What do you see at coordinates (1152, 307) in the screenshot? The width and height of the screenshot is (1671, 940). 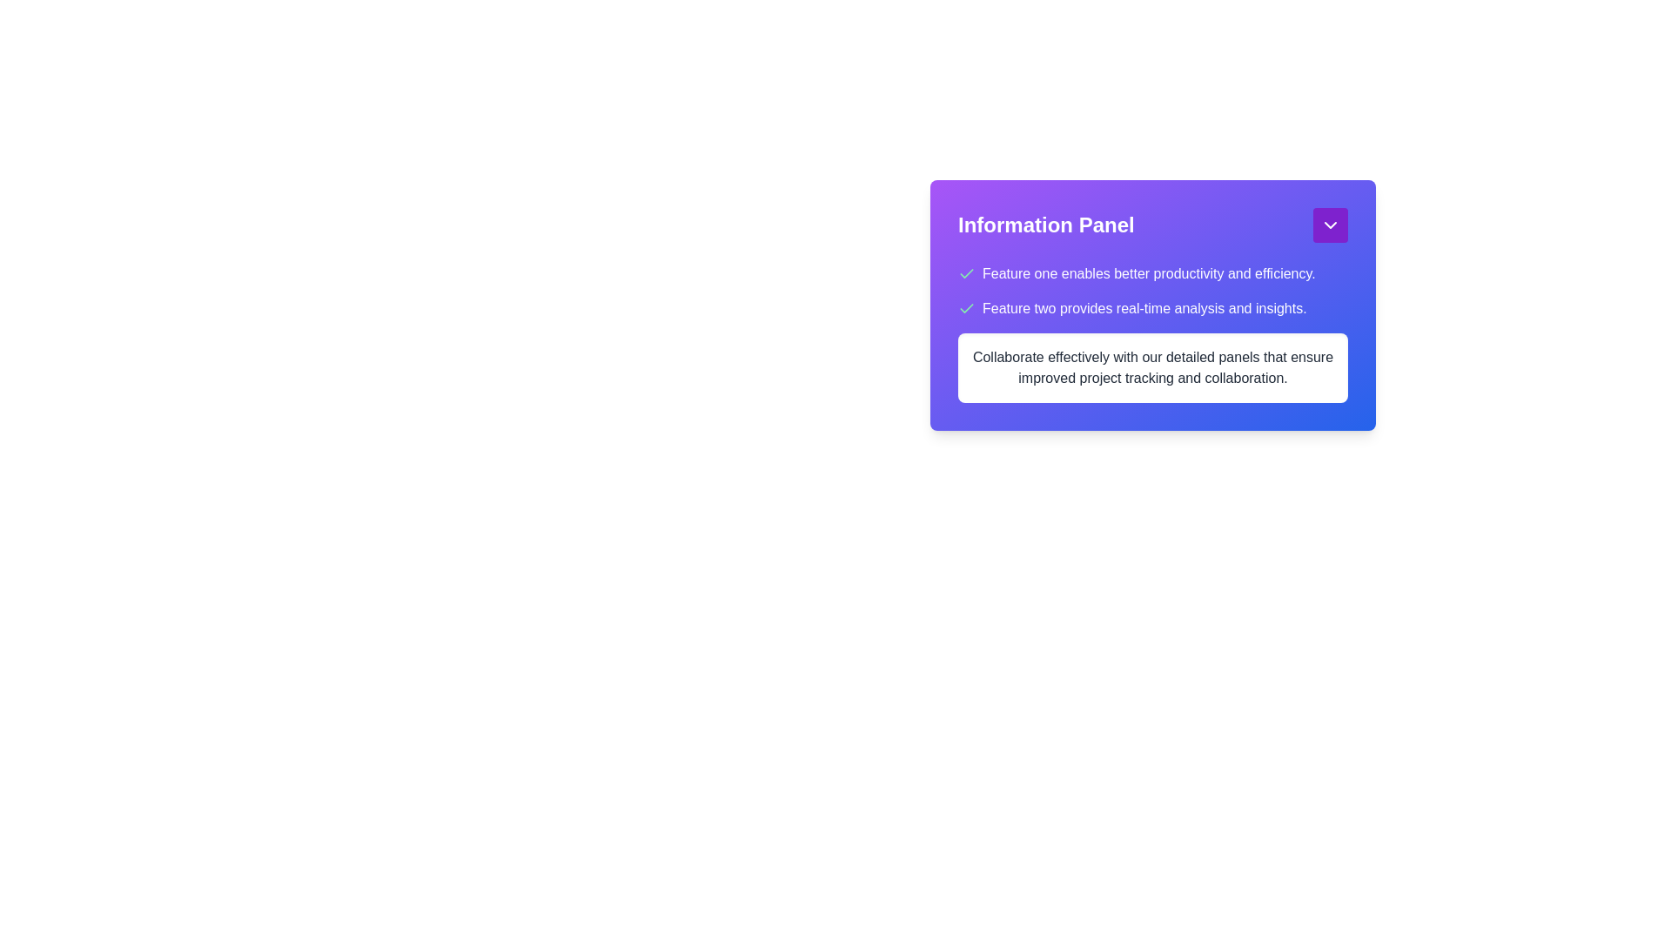 I see `the text description with icon that reads 'Feature two provides real-time analysis and insights.' which has a green checkmark icon and is styled in white against a purple background` at bounding box center [1152, 307].